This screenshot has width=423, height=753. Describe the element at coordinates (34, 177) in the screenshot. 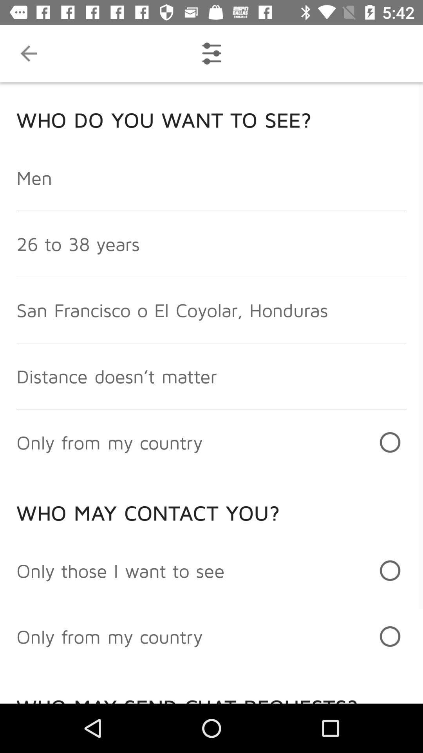

I see `the icon below who do you icon` at that location.